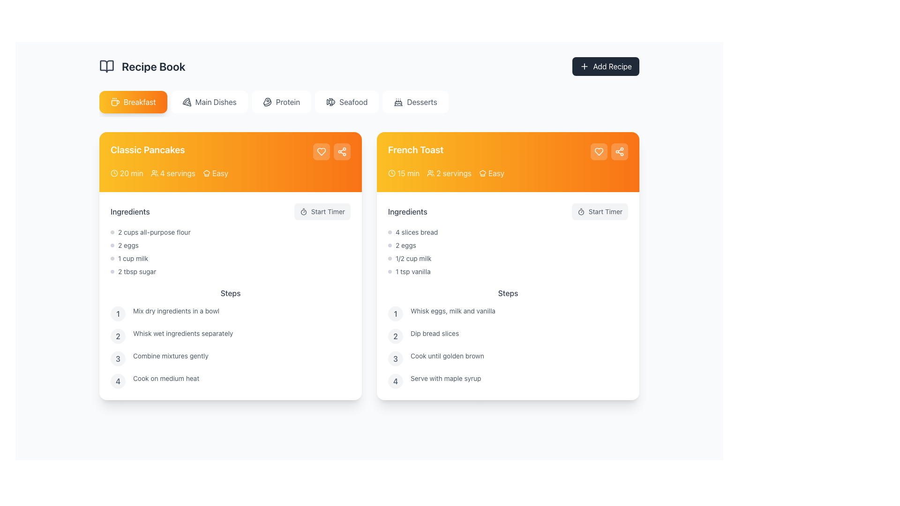 Image resolution: width=900 pixels, height=506 pixels. Describe the element at coordinates (598, 151) in the screenshot. I see `on the 'Favorite' or 'Like' icon button located at the top-right corner of the 'French Toast' card` at that location.